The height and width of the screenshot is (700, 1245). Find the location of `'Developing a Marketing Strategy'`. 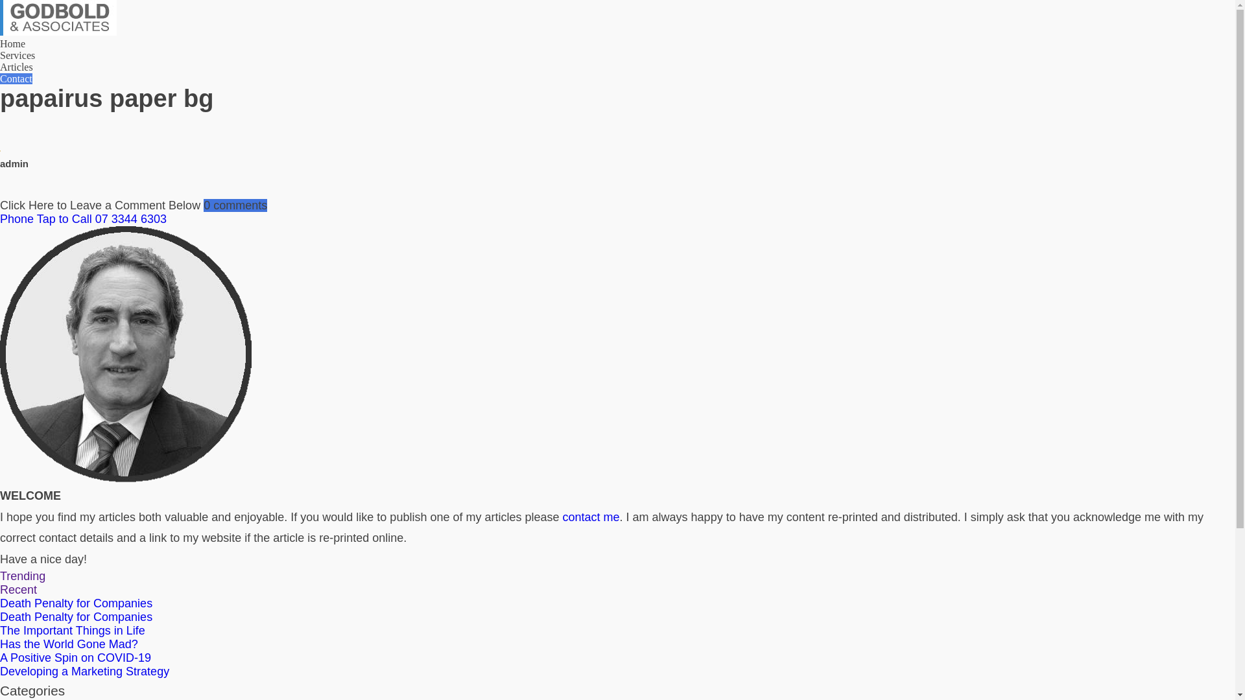

'Developing a Marketing Strategy' is located at coordinates (84, 671).